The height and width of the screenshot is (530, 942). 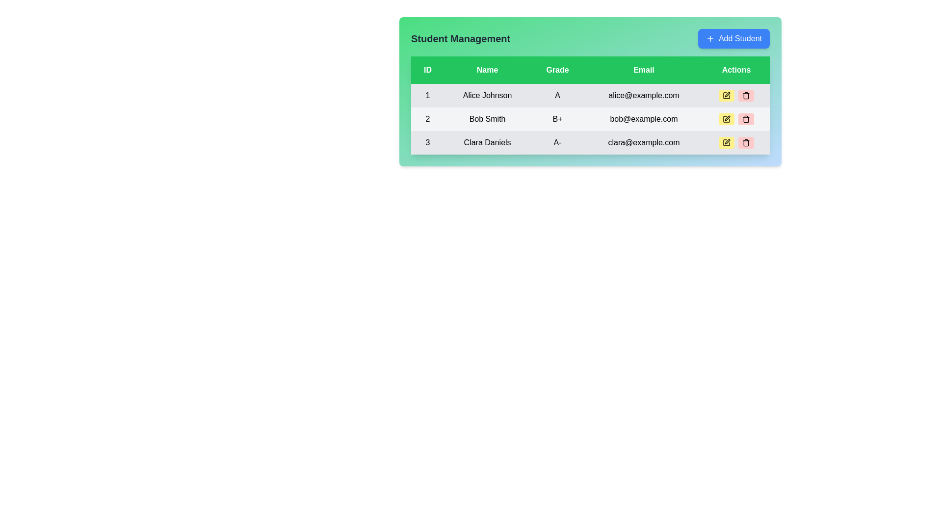 I want to click on the delete button in the table row displaying details for 'Clara Daniels', located at the bottom of the three-row table under the 'Actions' column, so click(x=590, y=142).